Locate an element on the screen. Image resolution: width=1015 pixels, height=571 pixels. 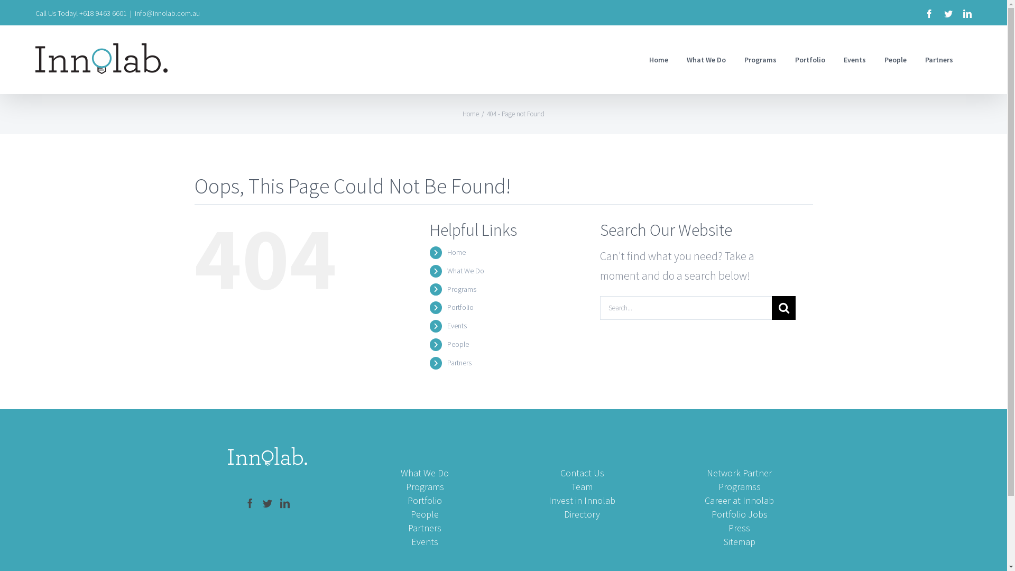
'What We Do' is located at coordinates (465, 270).